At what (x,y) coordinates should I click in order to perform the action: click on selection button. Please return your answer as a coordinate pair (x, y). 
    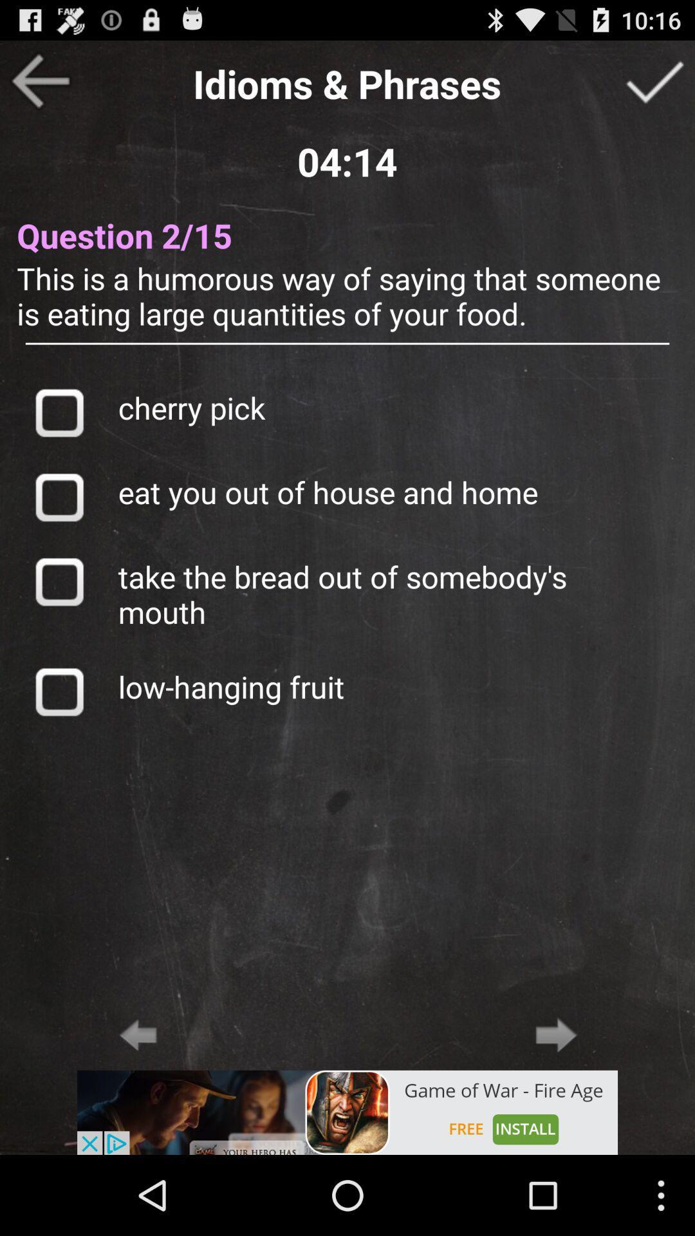
    Looking at the image, I should click on (59, 496).